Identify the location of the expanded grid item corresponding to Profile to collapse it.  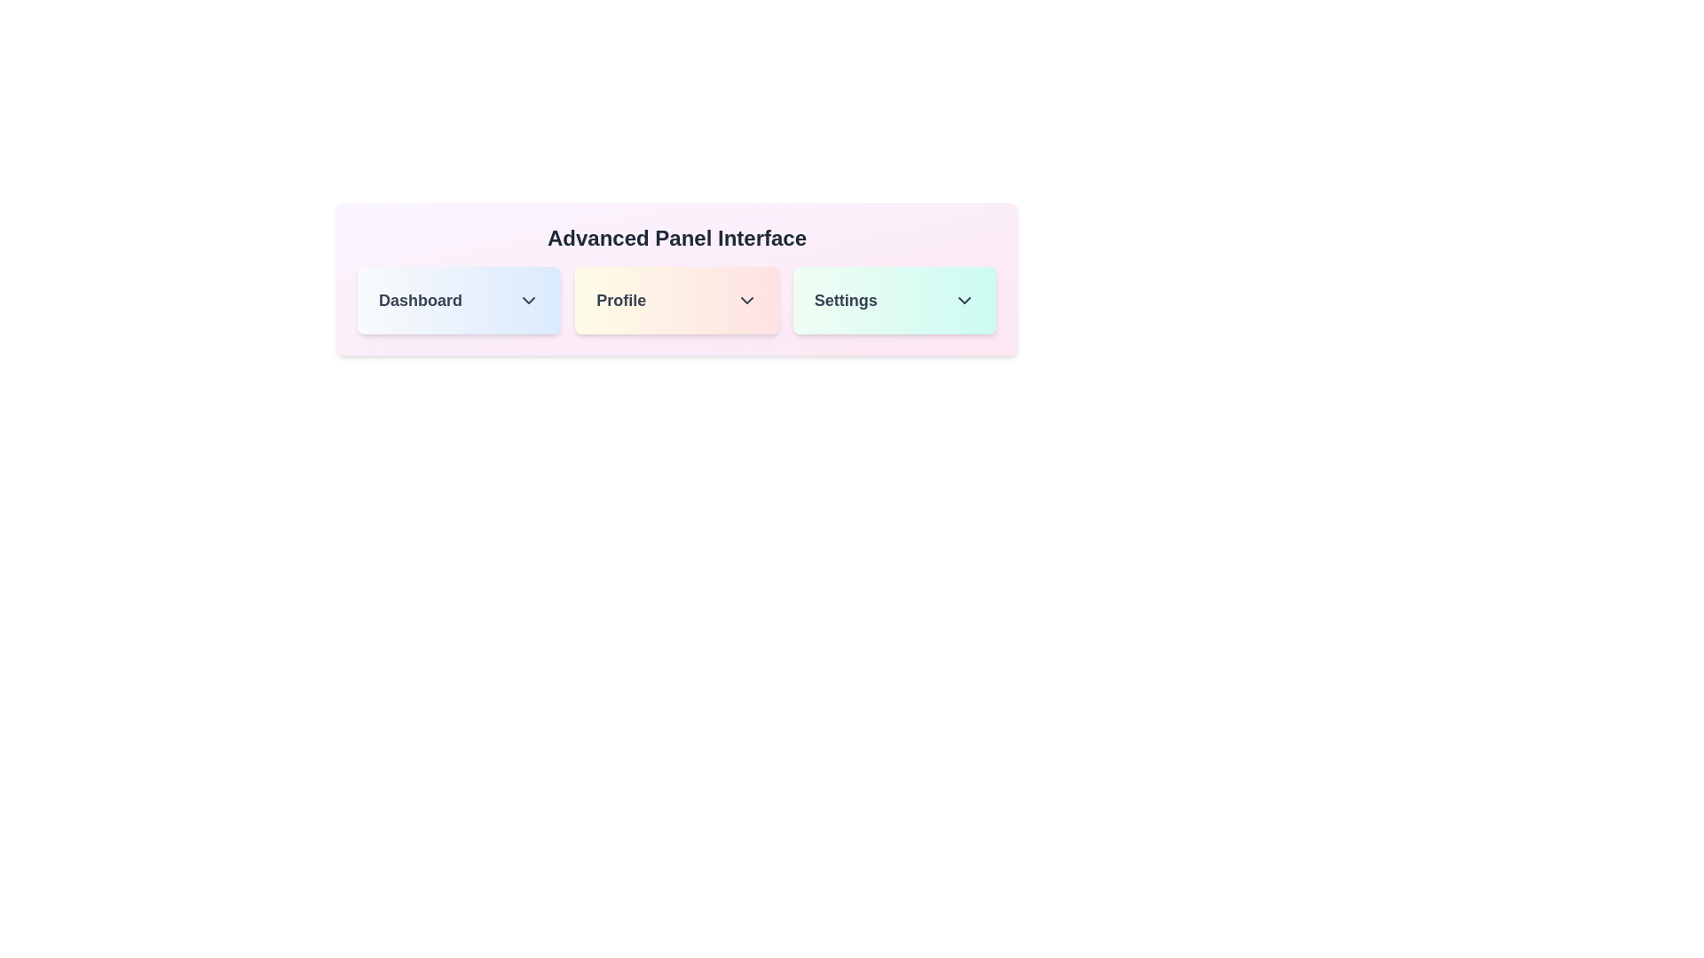
(675, 300).